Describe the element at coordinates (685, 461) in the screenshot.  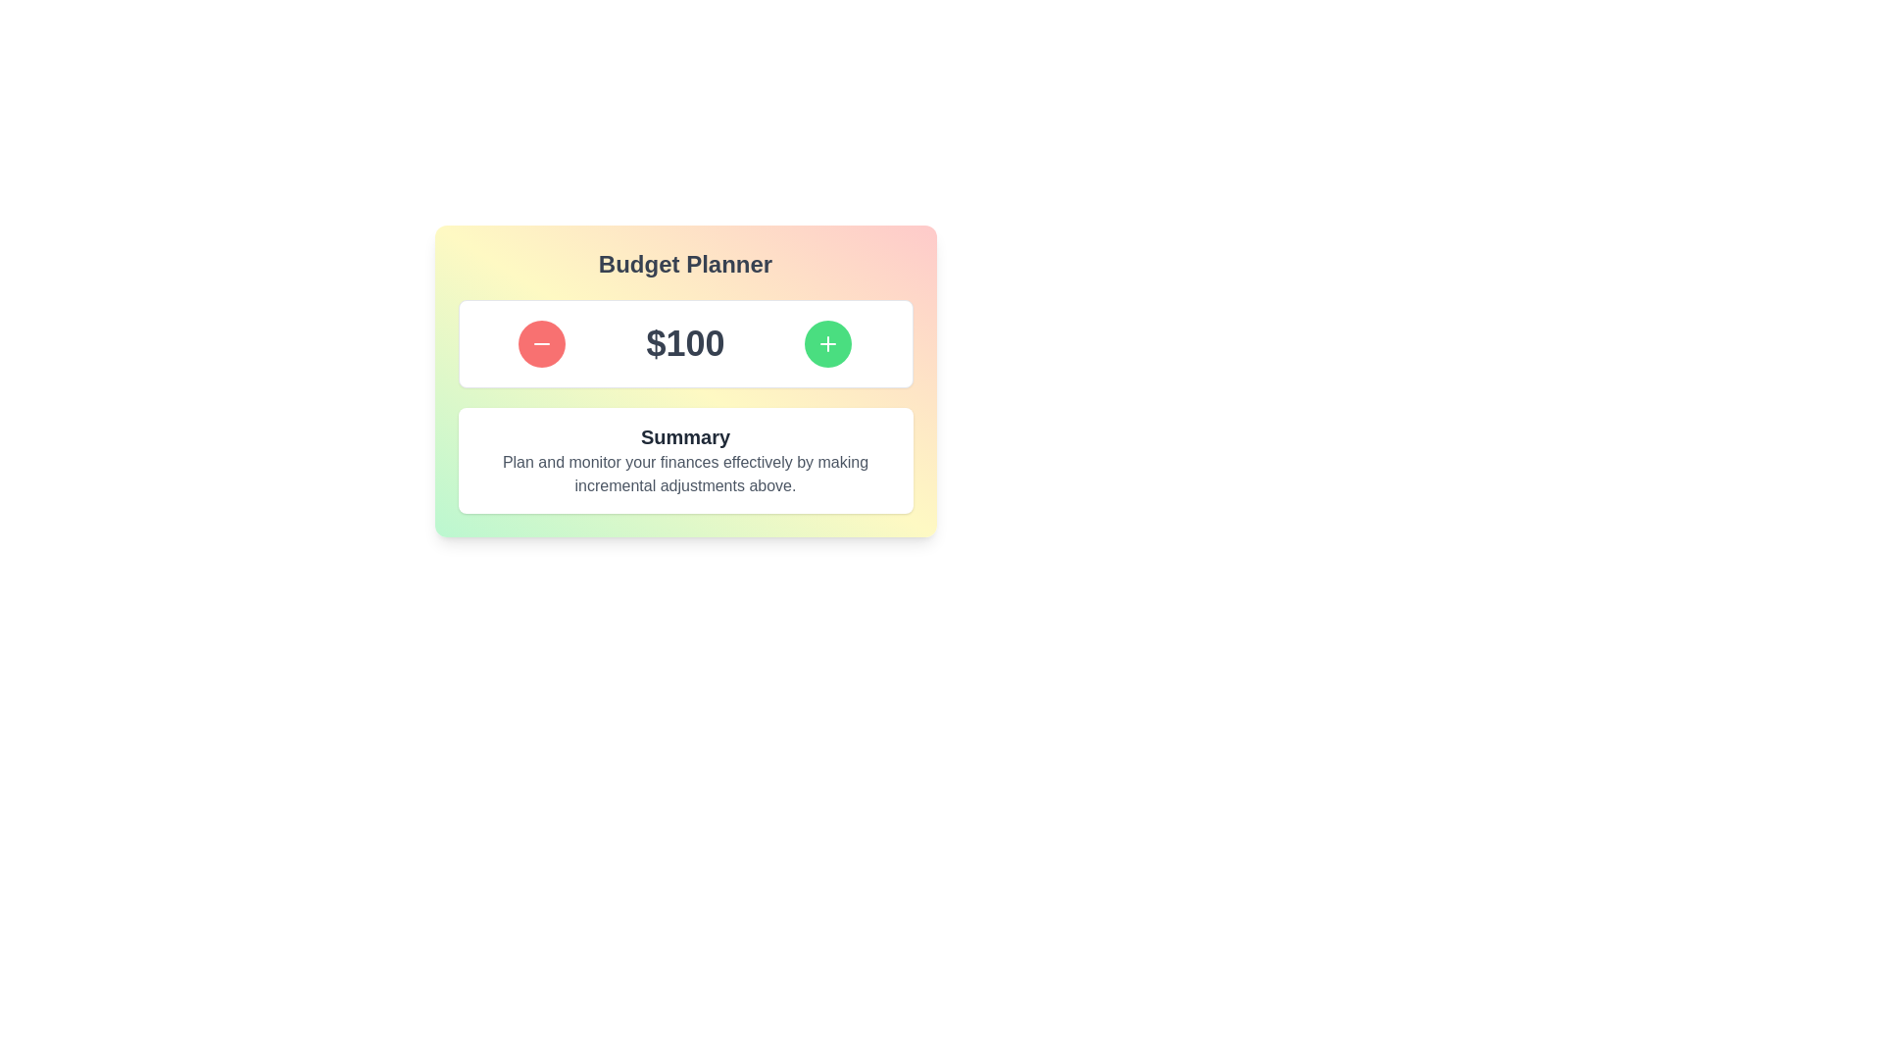
I see `the Informational card titled 'Summary', which features a bold header and descriptive text, located below the '$100' balance display in the 'Budget Planner' card` at that location.